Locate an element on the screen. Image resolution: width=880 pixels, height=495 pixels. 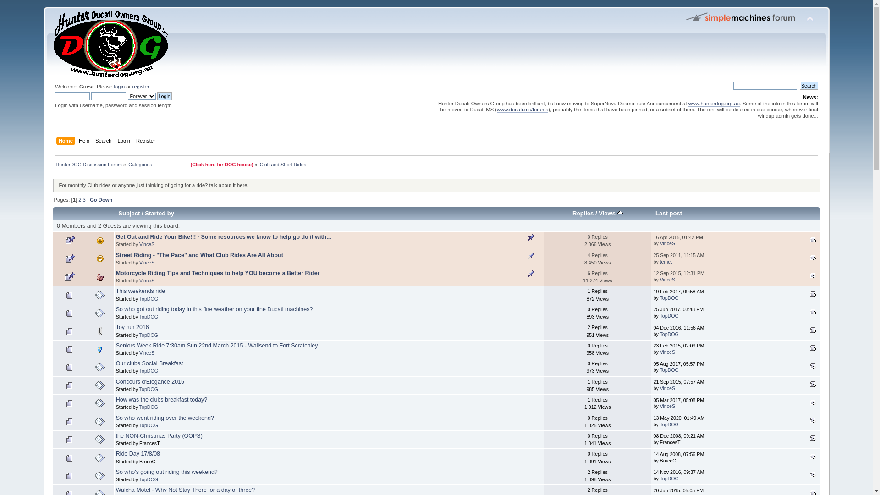
'Login' is located at coordinates (157, 96).